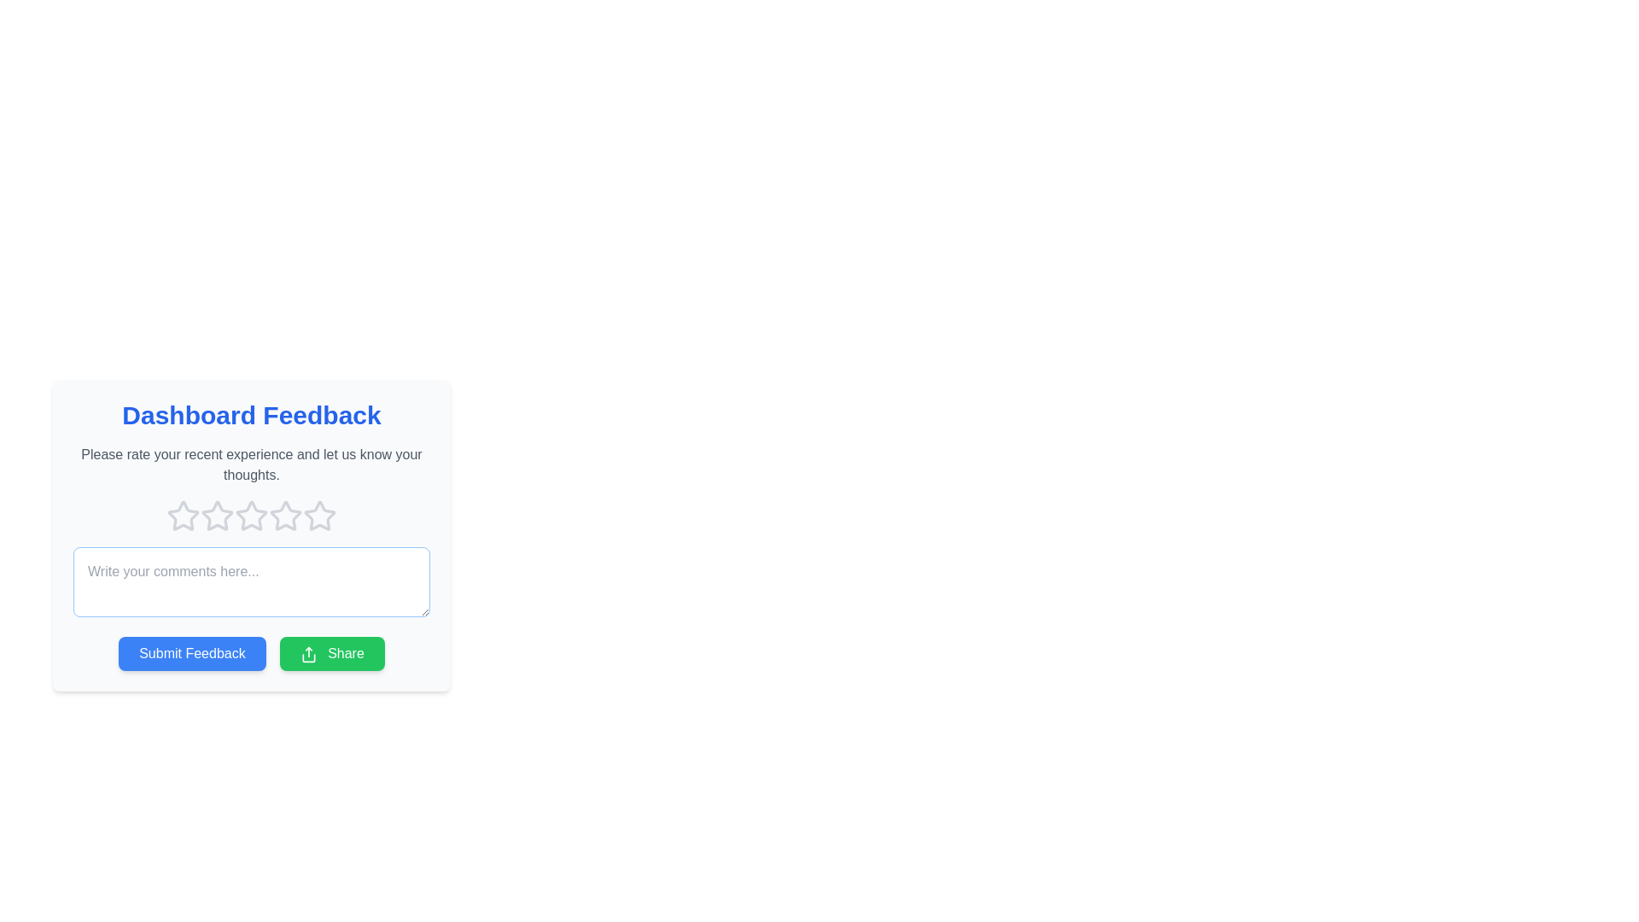 The image size is (1639, 922). Describe the element at coordinates (250, 464) in the screenshot. I see `instructions from the text label that says 'Please rate your recent experience and let us know your thoughts.' positioned within the feedback section of the card` at that location.